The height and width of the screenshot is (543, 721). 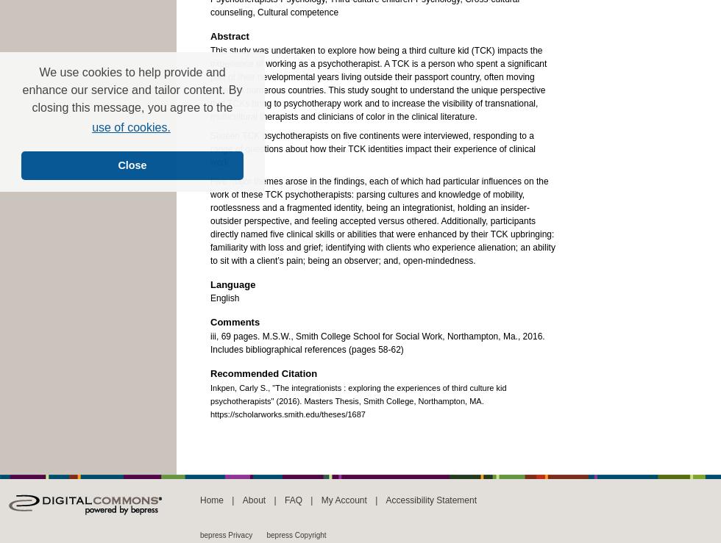 What do you see at coordinates (212, 499) in the screenshot?
I see `'Home'` at bounding box center [212, 499].